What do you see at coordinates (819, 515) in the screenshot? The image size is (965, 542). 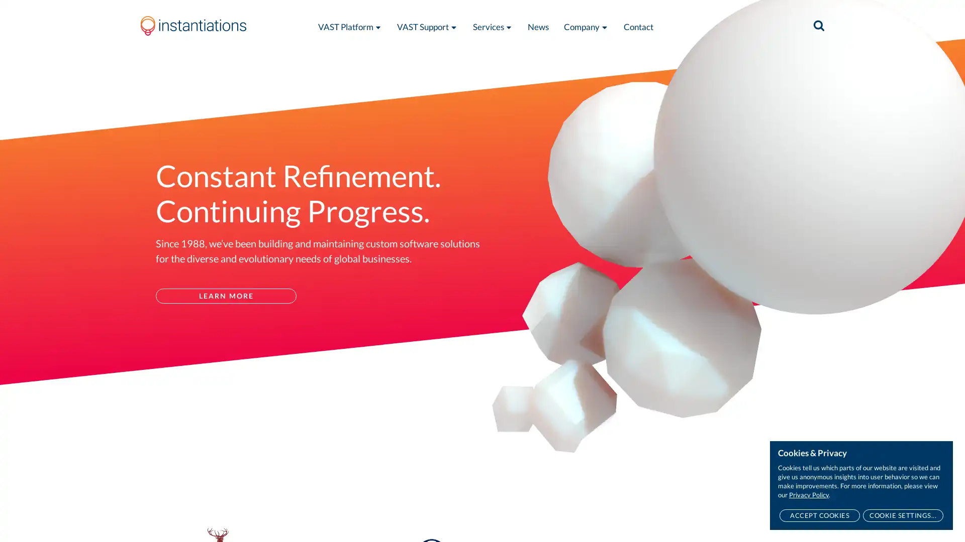 I see `ACCEPT COOKIES` at bounding box center [819, 515].